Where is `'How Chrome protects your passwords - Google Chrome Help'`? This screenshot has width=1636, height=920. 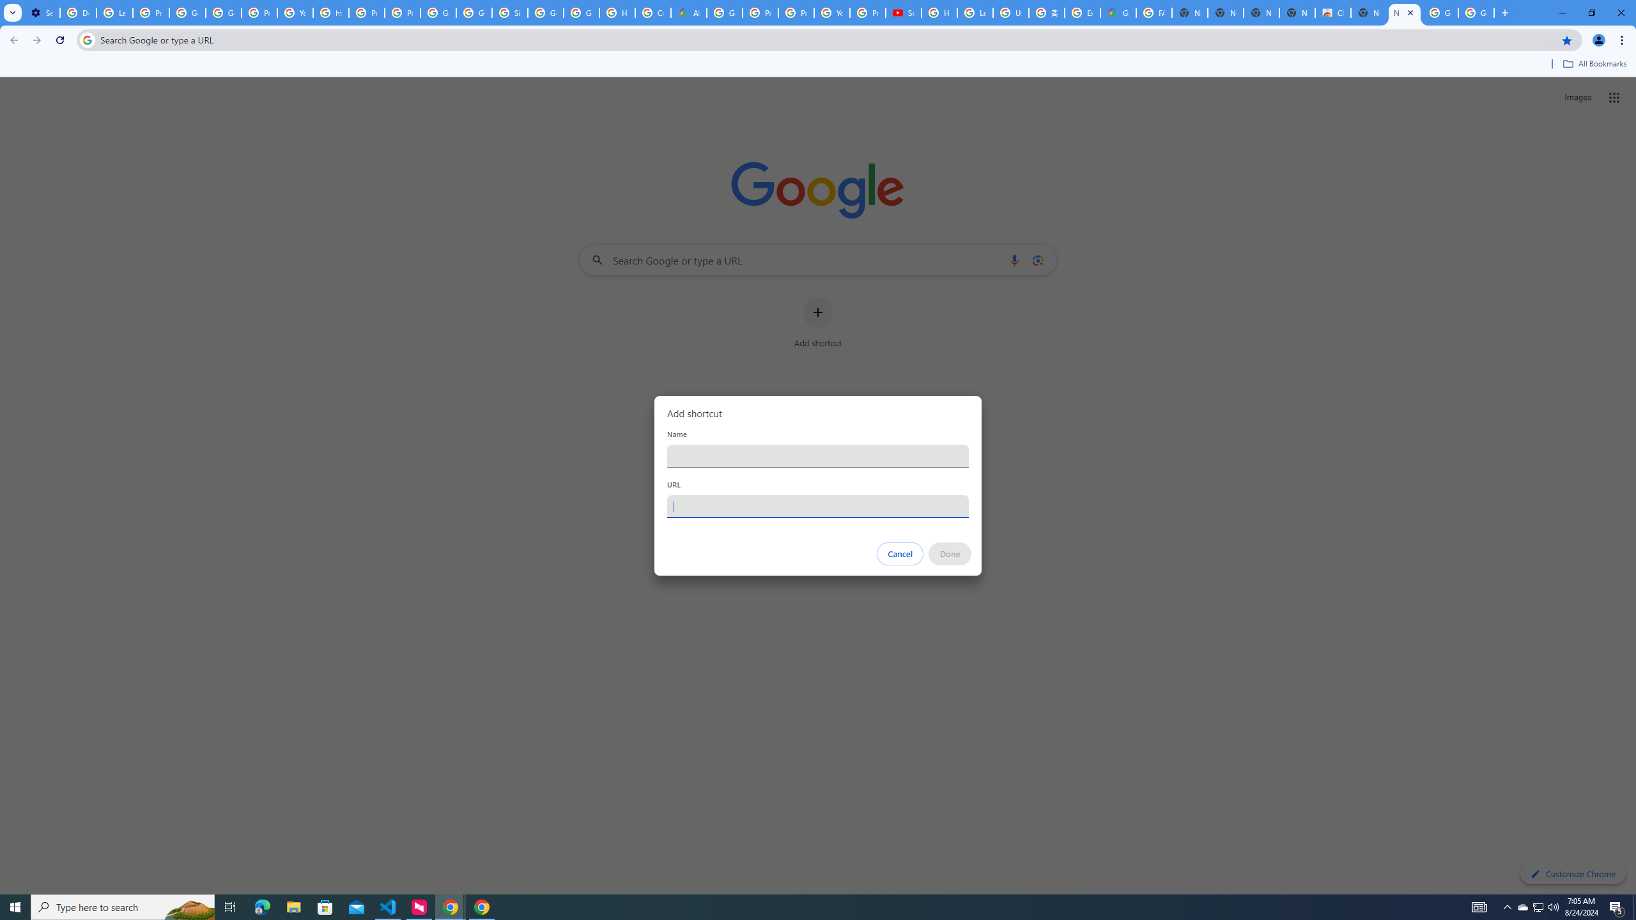
'How Chrome protects your passwords - Google Chrome Help' is located at coordinates (939, 12).